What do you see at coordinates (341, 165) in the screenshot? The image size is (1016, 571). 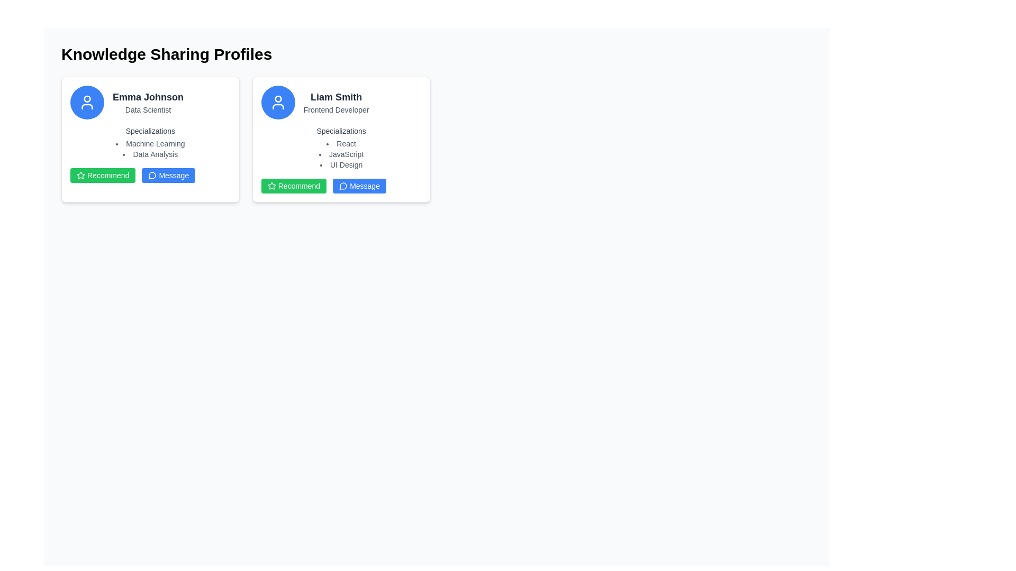 I see `the 'UI Design' text label located at the bottom of the specialization section of Liam Smith's profile card` at bounding box center [341, 165].